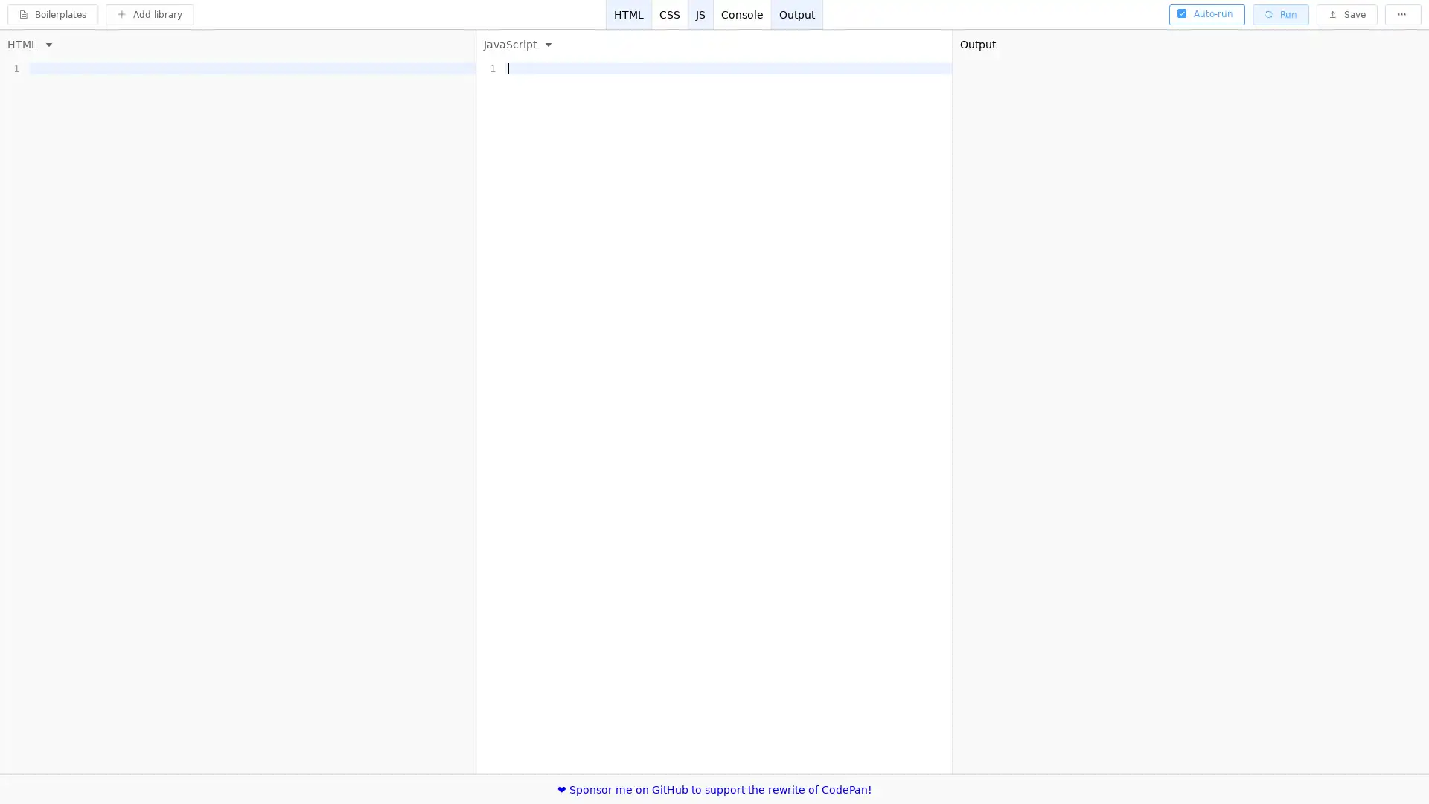 This screenshot has height=804, width=1429. What do you see at coordinates (31, 44) in the screenshot?
I see `HTML` at bounding box center [31, 44].